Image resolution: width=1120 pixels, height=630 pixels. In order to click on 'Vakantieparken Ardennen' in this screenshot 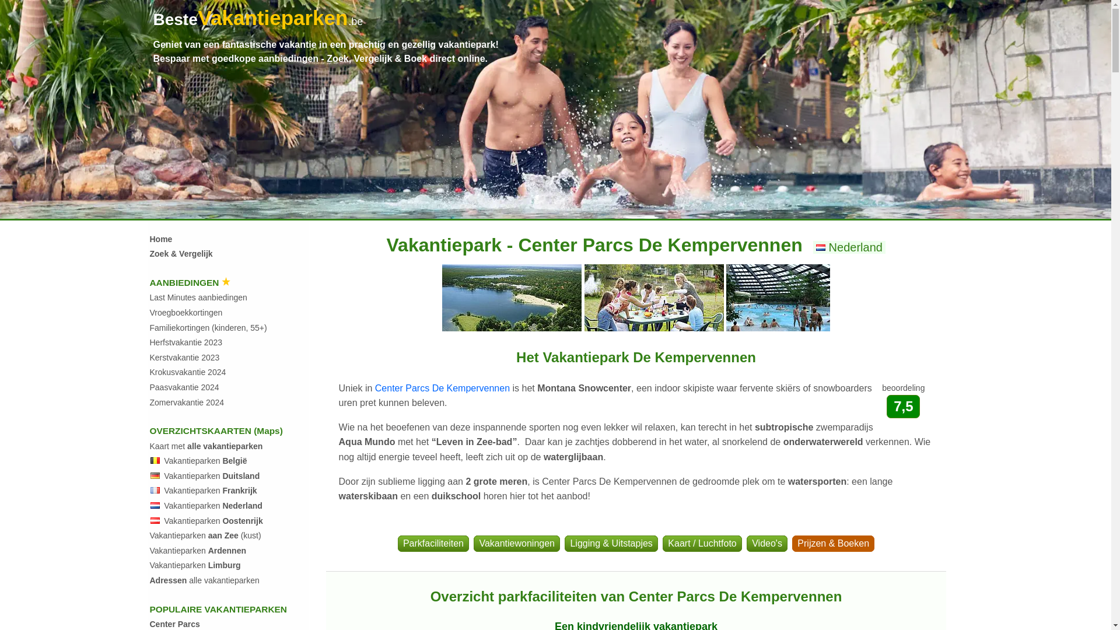, I will do `click(148, 551)`.